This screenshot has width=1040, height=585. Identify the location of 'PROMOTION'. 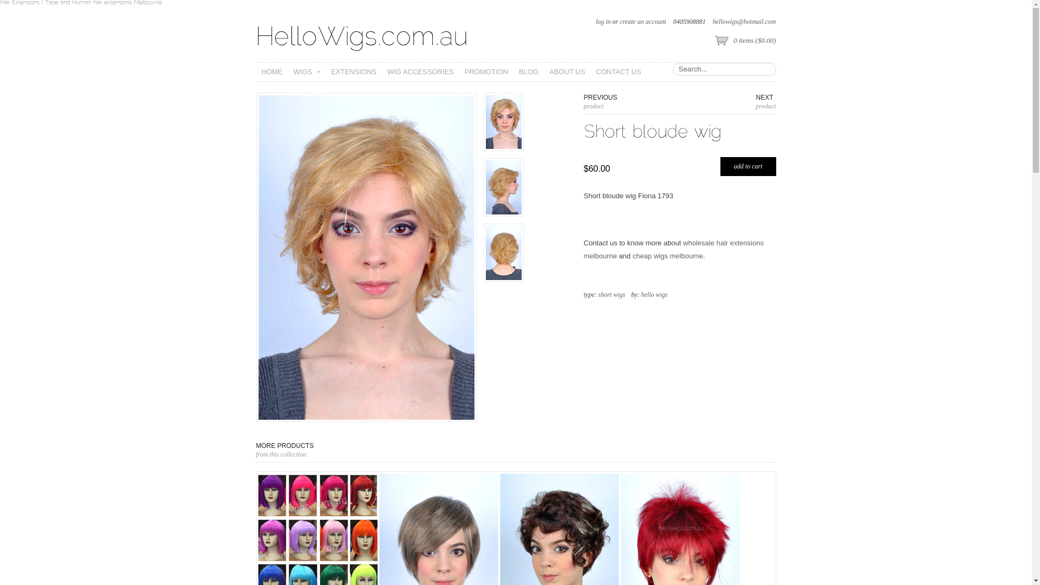
(485, 71).